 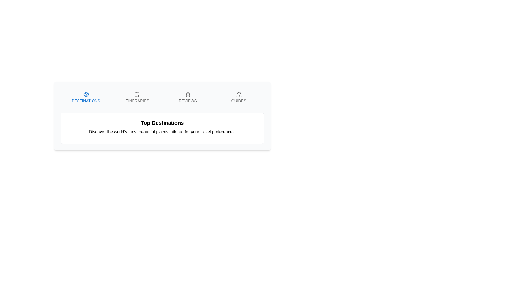 What do you see at coordinates (86, 98) in the screenshot?
I see `the 'Destinations' tab button` at bounding box center [86, 98].